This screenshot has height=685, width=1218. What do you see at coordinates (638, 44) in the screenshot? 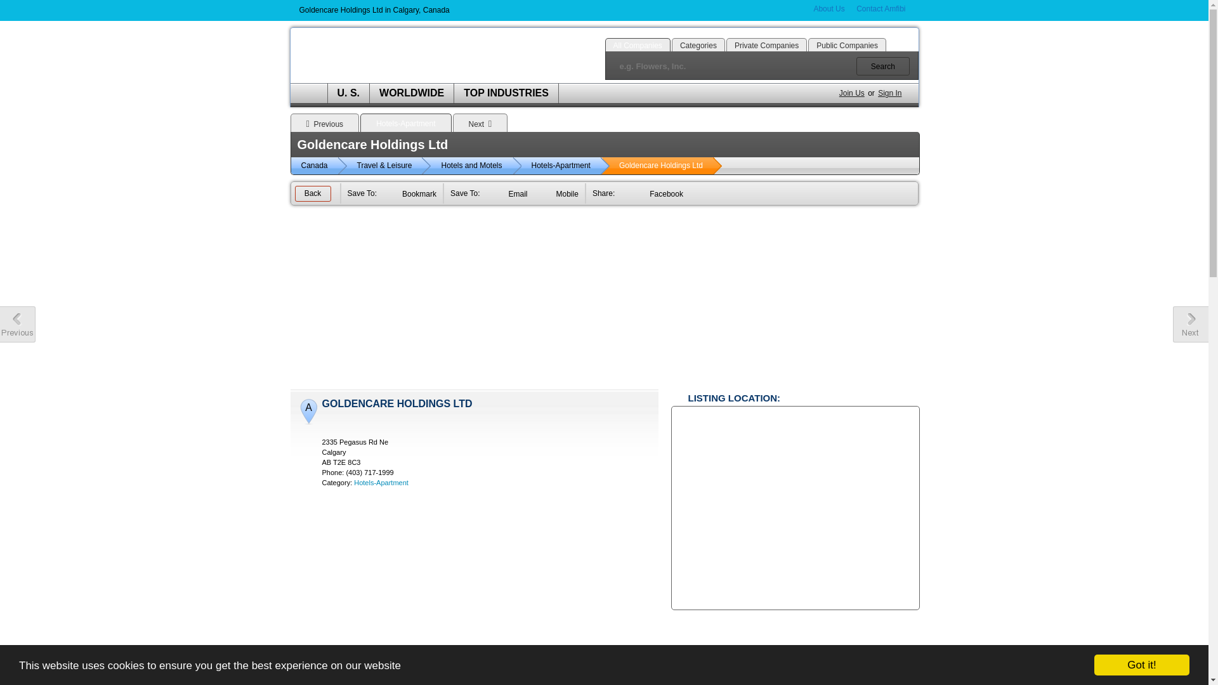
I see `'All Companies'` at bounding box center [638, 44].